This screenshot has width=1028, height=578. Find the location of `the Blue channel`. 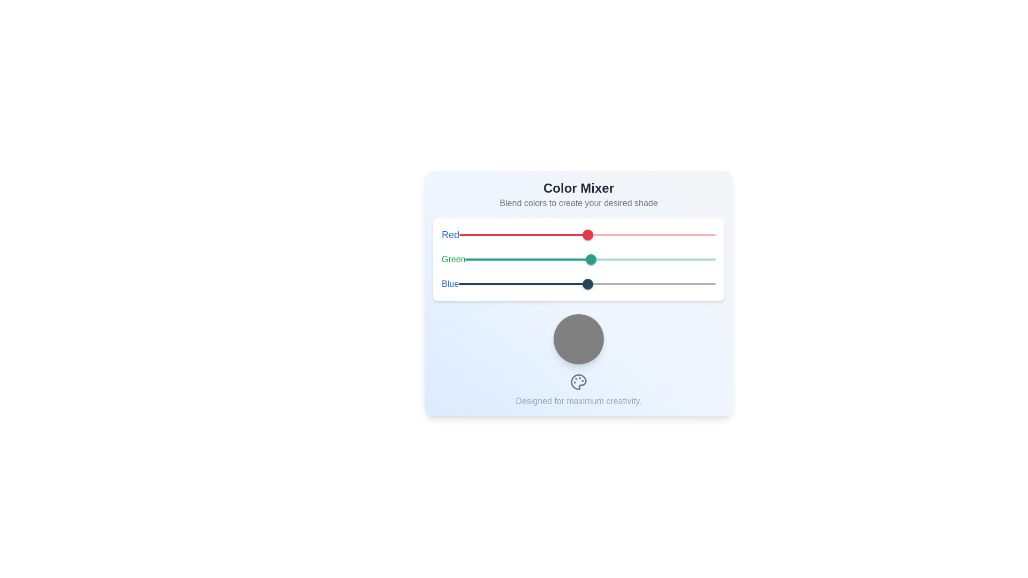

the Blue channel is located at coordinates (670, 284).